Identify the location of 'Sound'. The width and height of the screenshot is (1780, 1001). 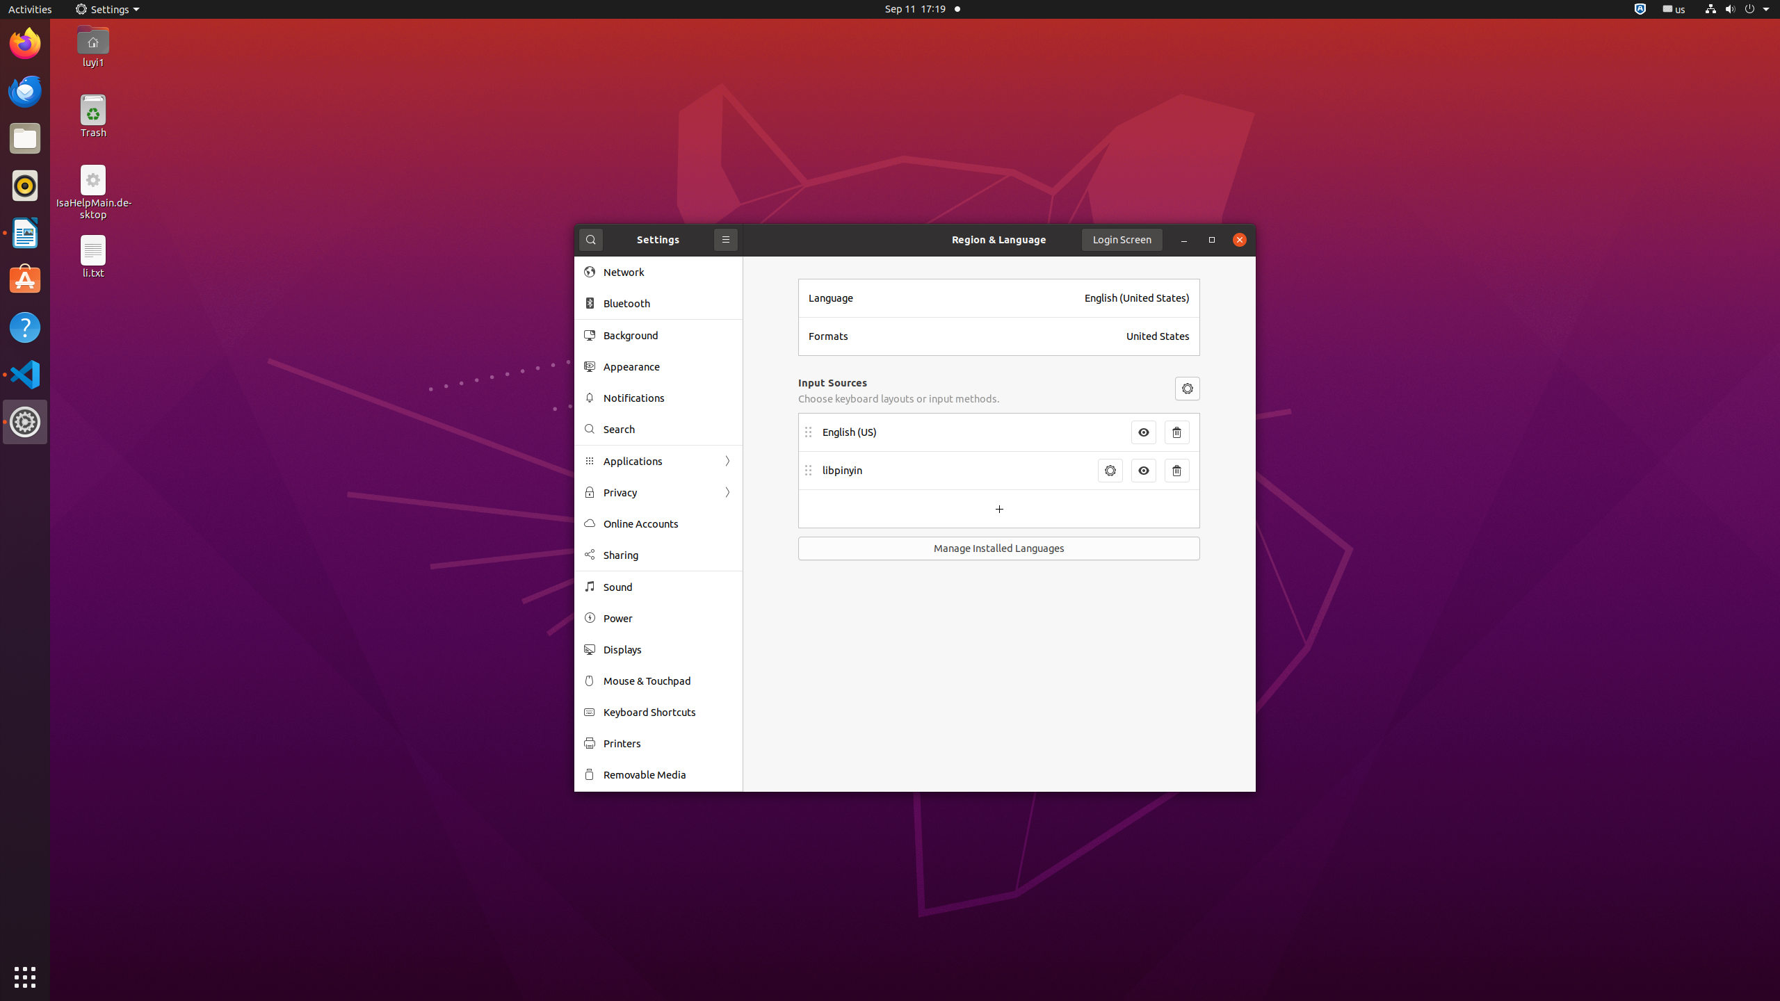
(668, 586).